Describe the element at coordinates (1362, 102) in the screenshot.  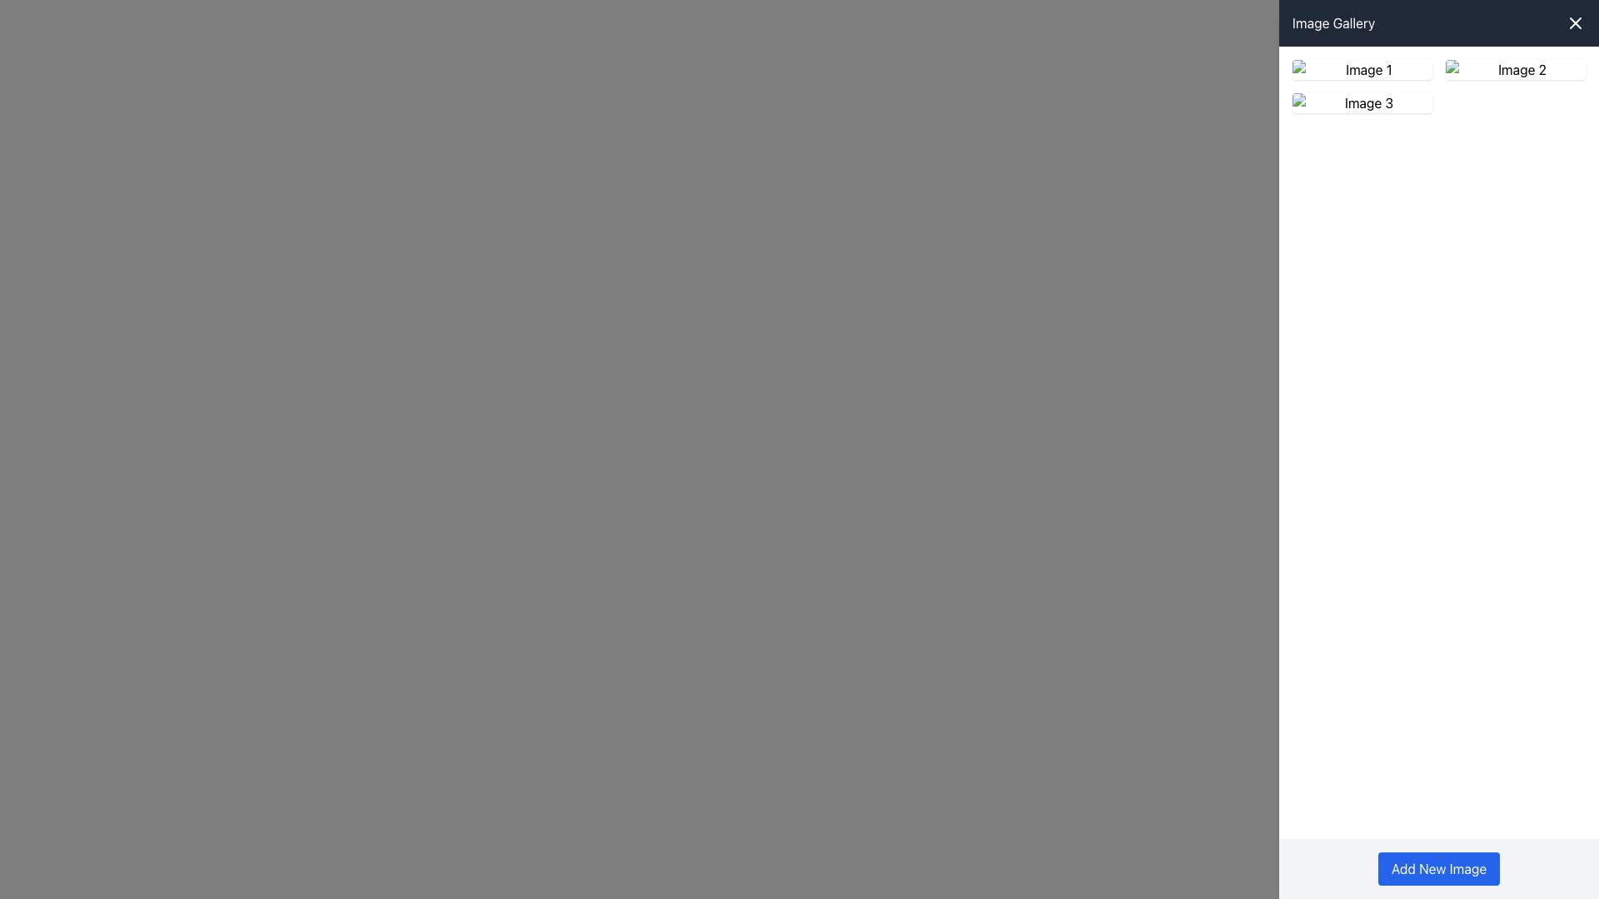
I see `the interactive icon/button located in the top-right of the 'Image Gallery' panel` at that location.